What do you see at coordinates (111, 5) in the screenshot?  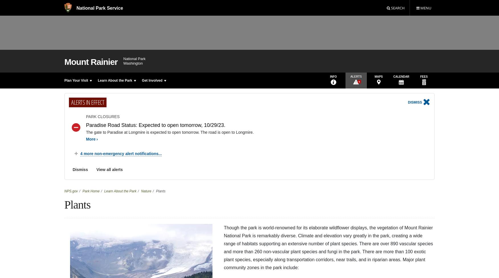 I see `':'` at bounding box center [111, 5].